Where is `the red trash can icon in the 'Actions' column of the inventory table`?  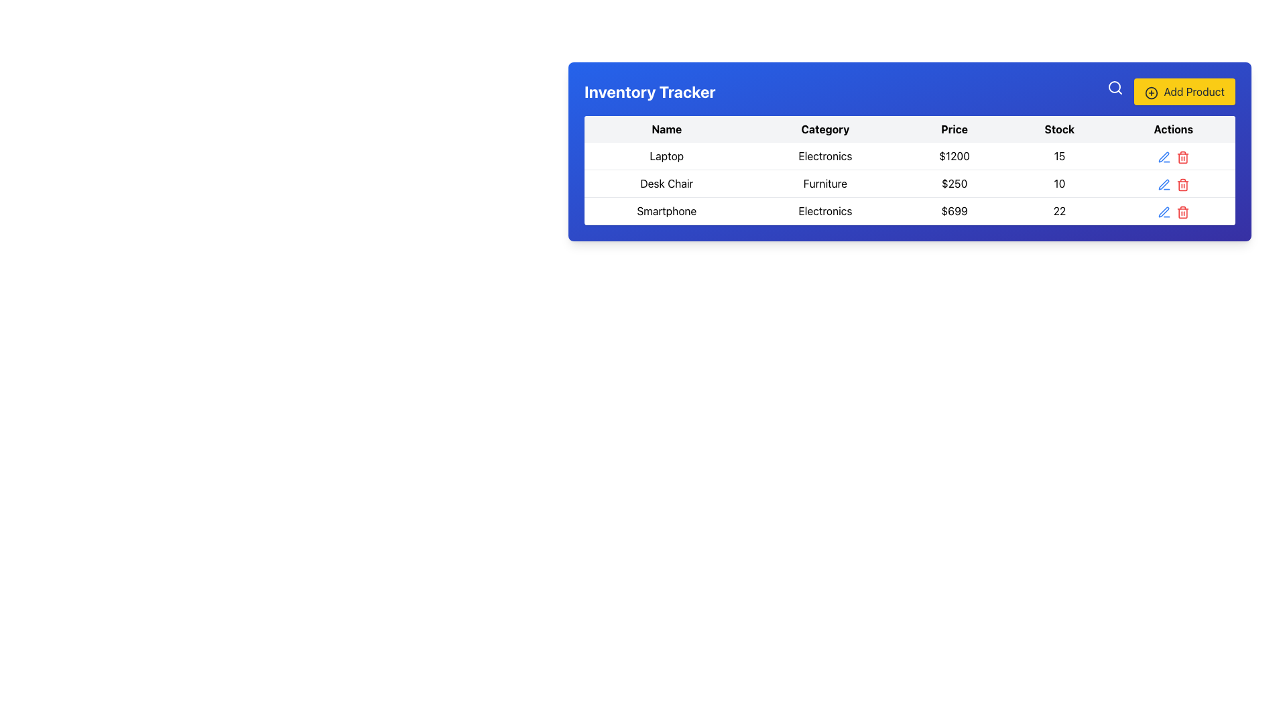
the red trash can icon in the 'Actions' column of the inventory table is located at coordinates (1182, 156).